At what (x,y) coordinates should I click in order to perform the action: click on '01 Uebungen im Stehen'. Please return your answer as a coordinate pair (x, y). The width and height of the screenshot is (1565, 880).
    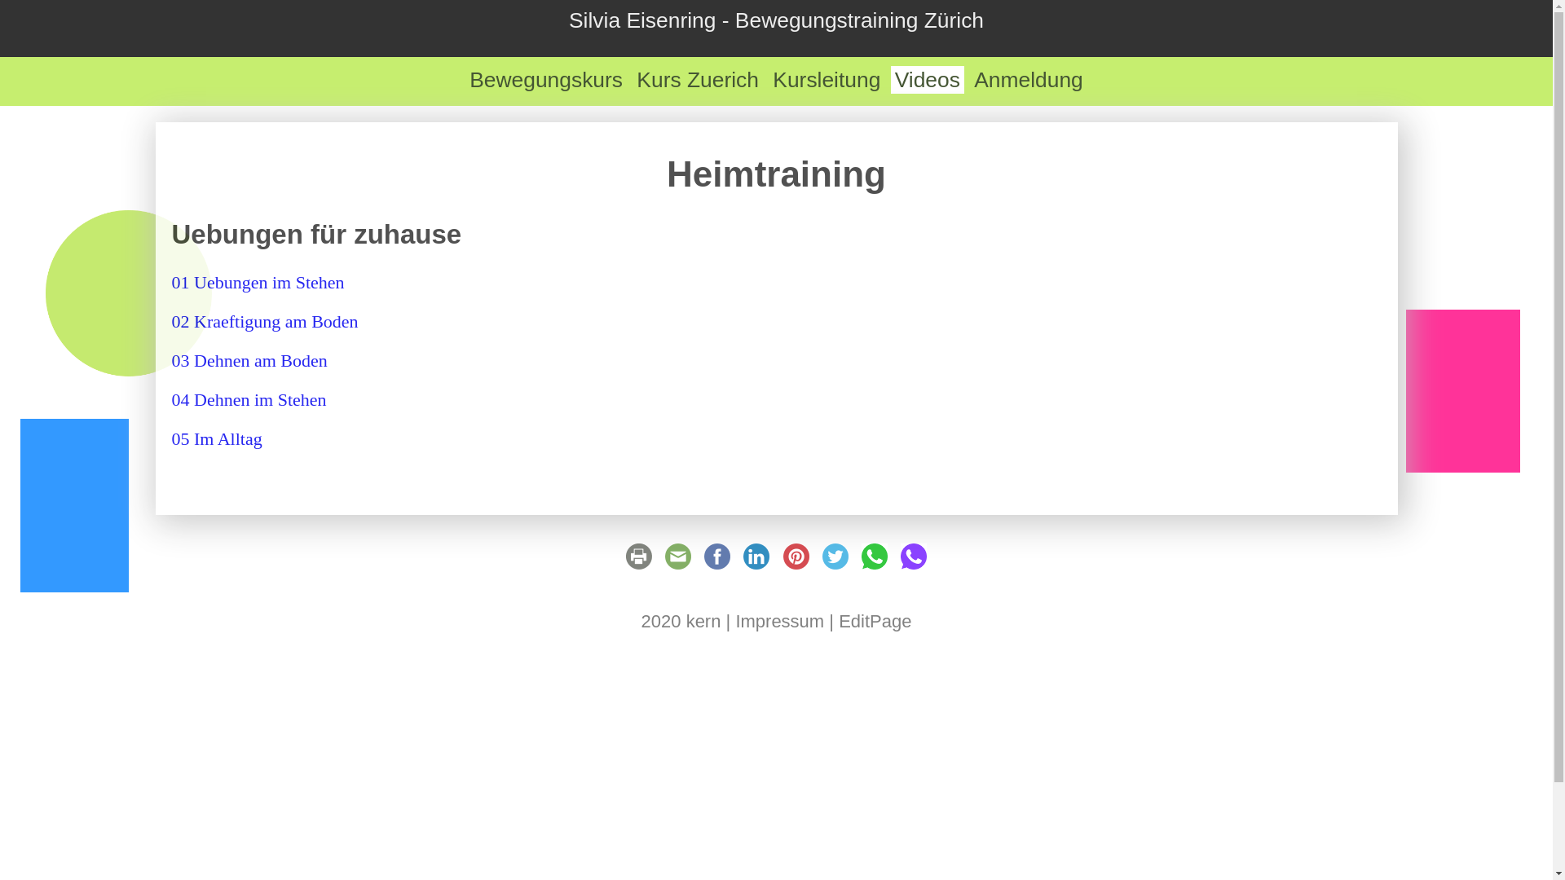
    Looking at the image, I should click on (257, 281).